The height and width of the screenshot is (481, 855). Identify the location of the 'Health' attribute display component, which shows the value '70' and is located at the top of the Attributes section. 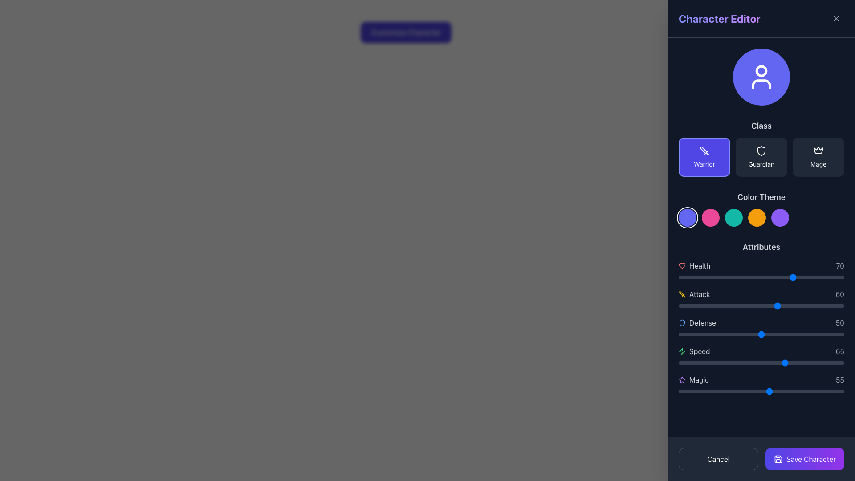
(761, 265).